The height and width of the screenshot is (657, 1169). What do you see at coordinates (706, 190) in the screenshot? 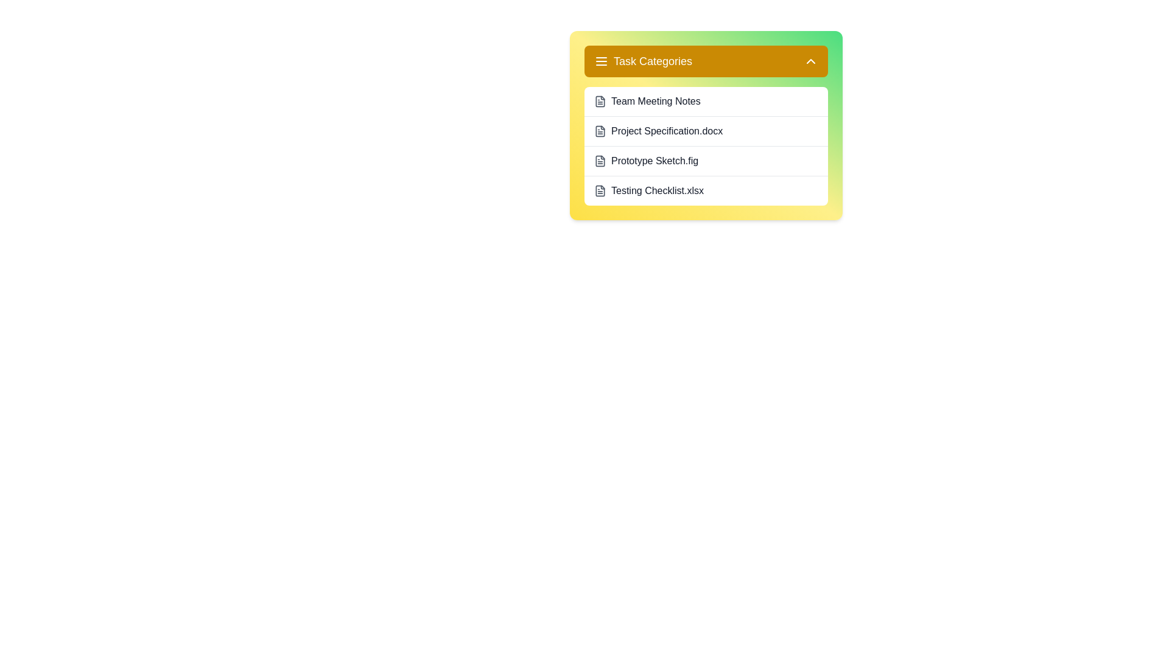
I see `the task Testing Checklist.xlsx from the task list` at bounding box center [706, 190].